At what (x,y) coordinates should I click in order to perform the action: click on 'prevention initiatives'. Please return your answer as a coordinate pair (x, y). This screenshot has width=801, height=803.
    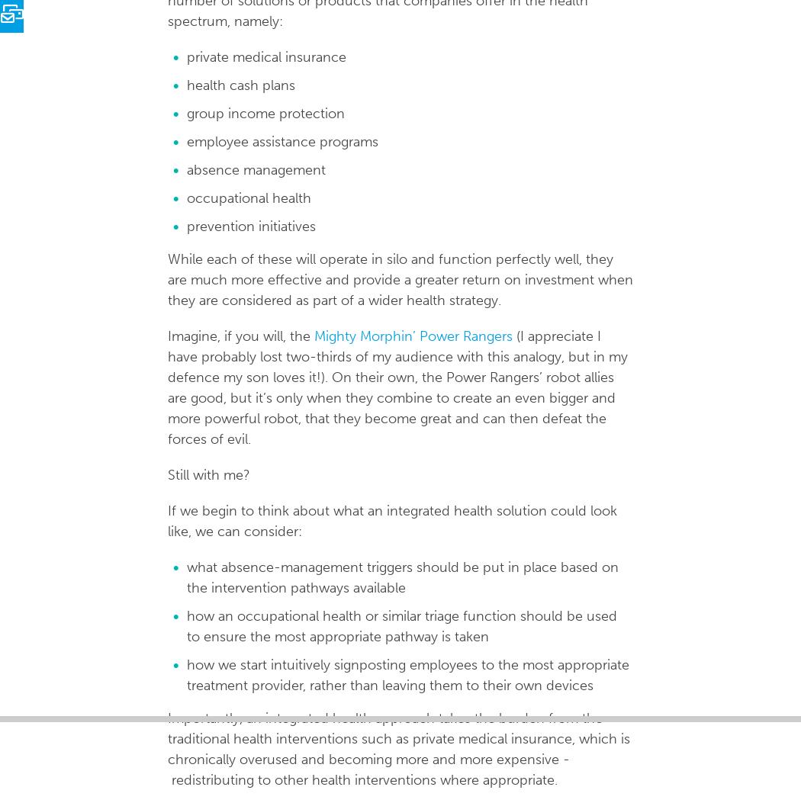
    Looking at the image, I should click on (250, 226).